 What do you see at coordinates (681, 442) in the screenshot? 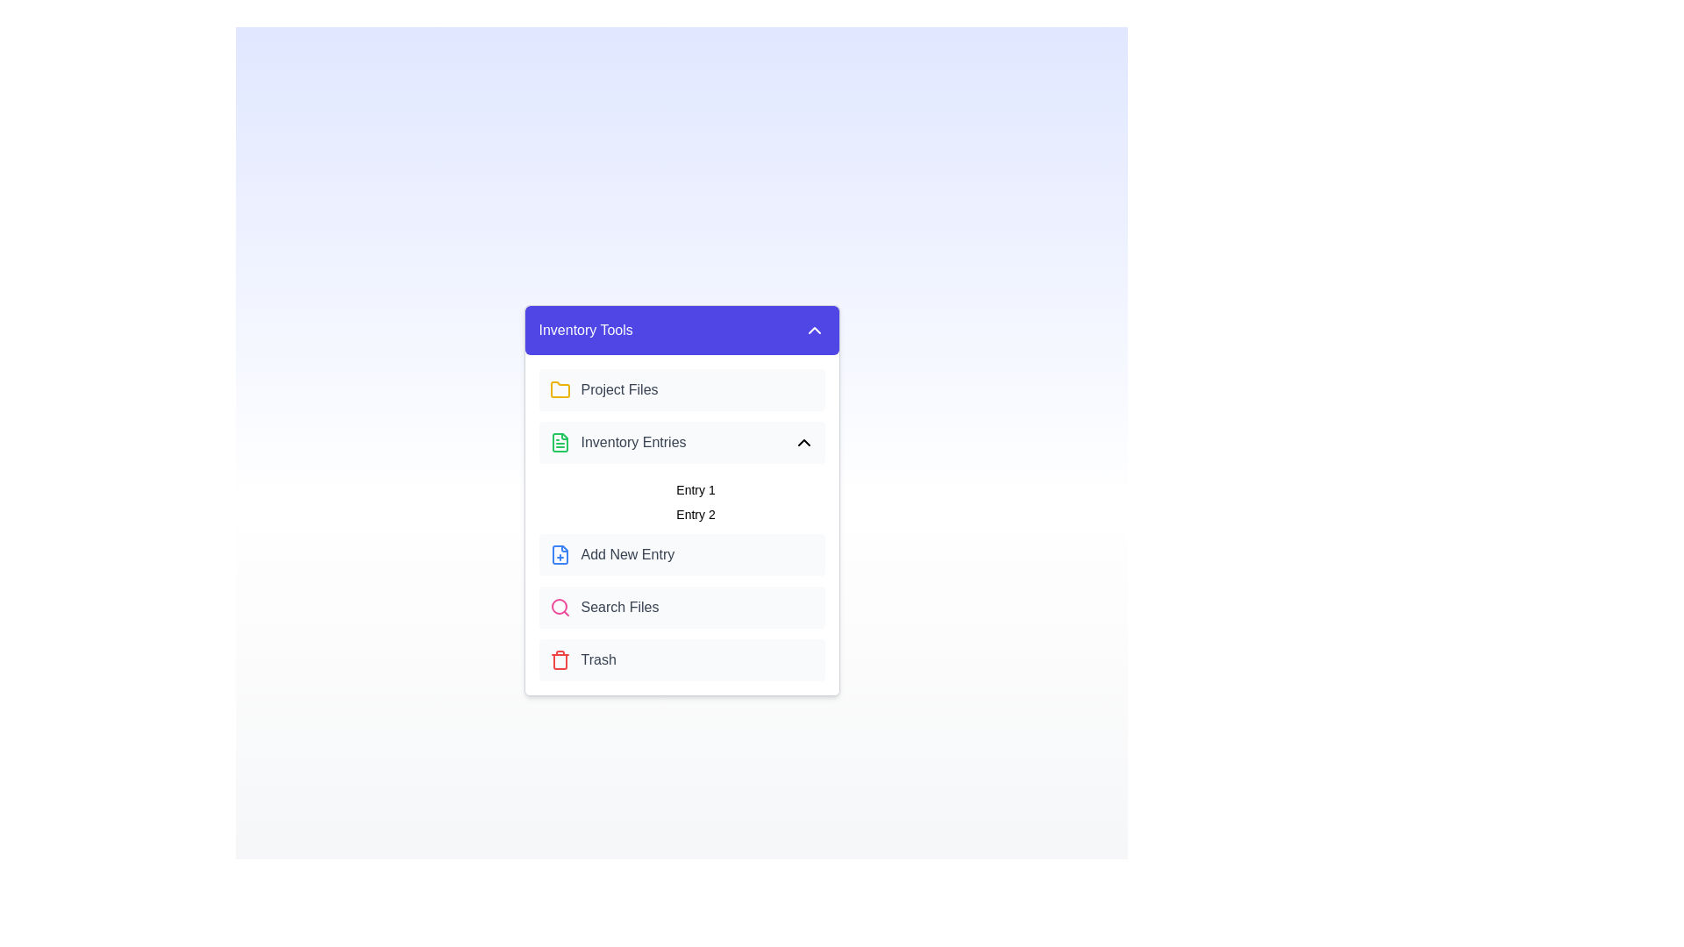
I see `the second item in the navigation menu under the 'Inventory Tools' header` at bounding box center [681, 442].